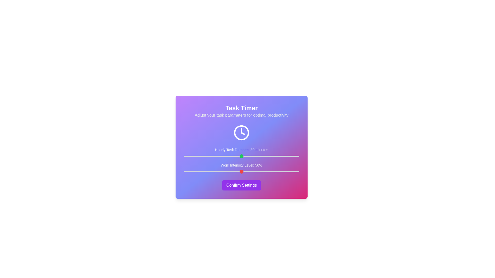 Image resolution: width=495 pixels, height=278 pixels. I want to click on the work intensity level to 76% by interacting with the slider, so click(271, 172).